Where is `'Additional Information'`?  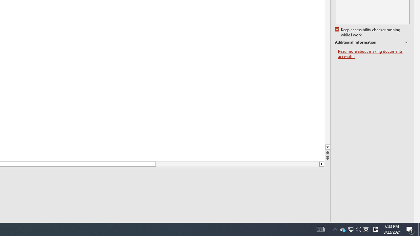
'Additional Information' is located at coordinates (372, 42).